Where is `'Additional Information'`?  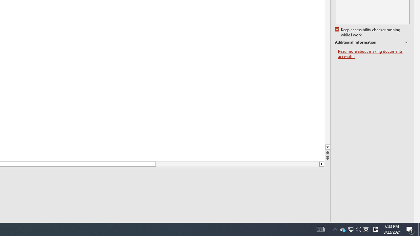
'Additional Information' is located at coordinates (372, 42).